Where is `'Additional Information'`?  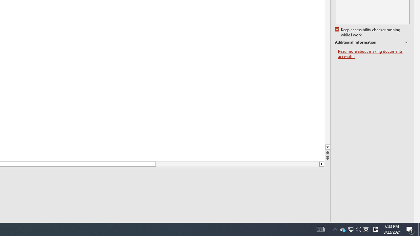
'Additional Information' is located at coordinates (372, 42).